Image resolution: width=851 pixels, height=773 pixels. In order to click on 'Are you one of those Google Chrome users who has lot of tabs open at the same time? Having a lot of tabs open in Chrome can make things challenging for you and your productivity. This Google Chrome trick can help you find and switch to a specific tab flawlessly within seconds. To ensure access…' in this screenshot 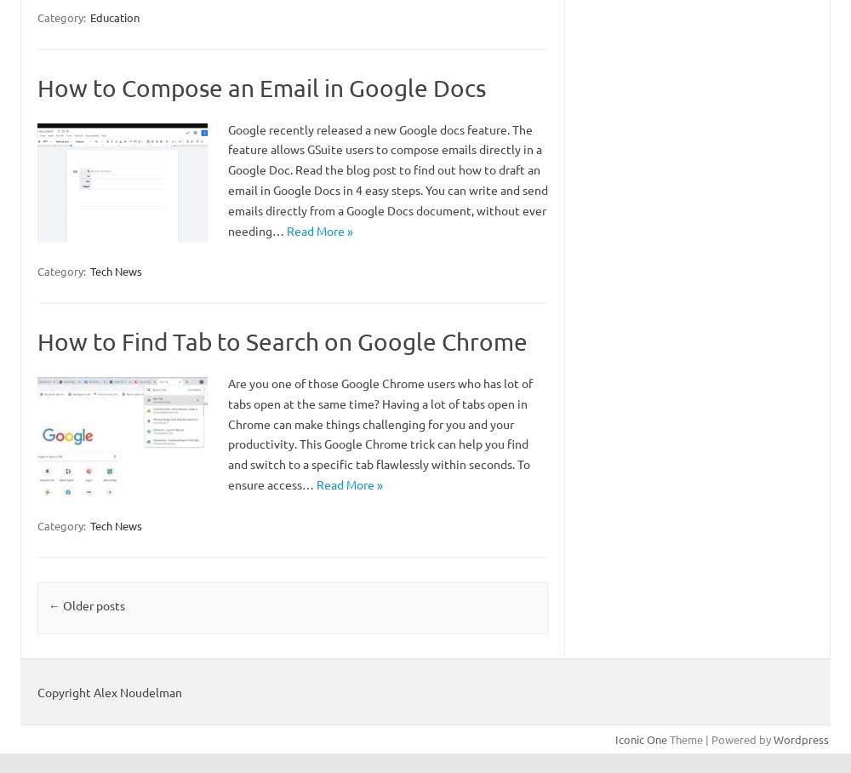, I will do `click(380, 433)`.